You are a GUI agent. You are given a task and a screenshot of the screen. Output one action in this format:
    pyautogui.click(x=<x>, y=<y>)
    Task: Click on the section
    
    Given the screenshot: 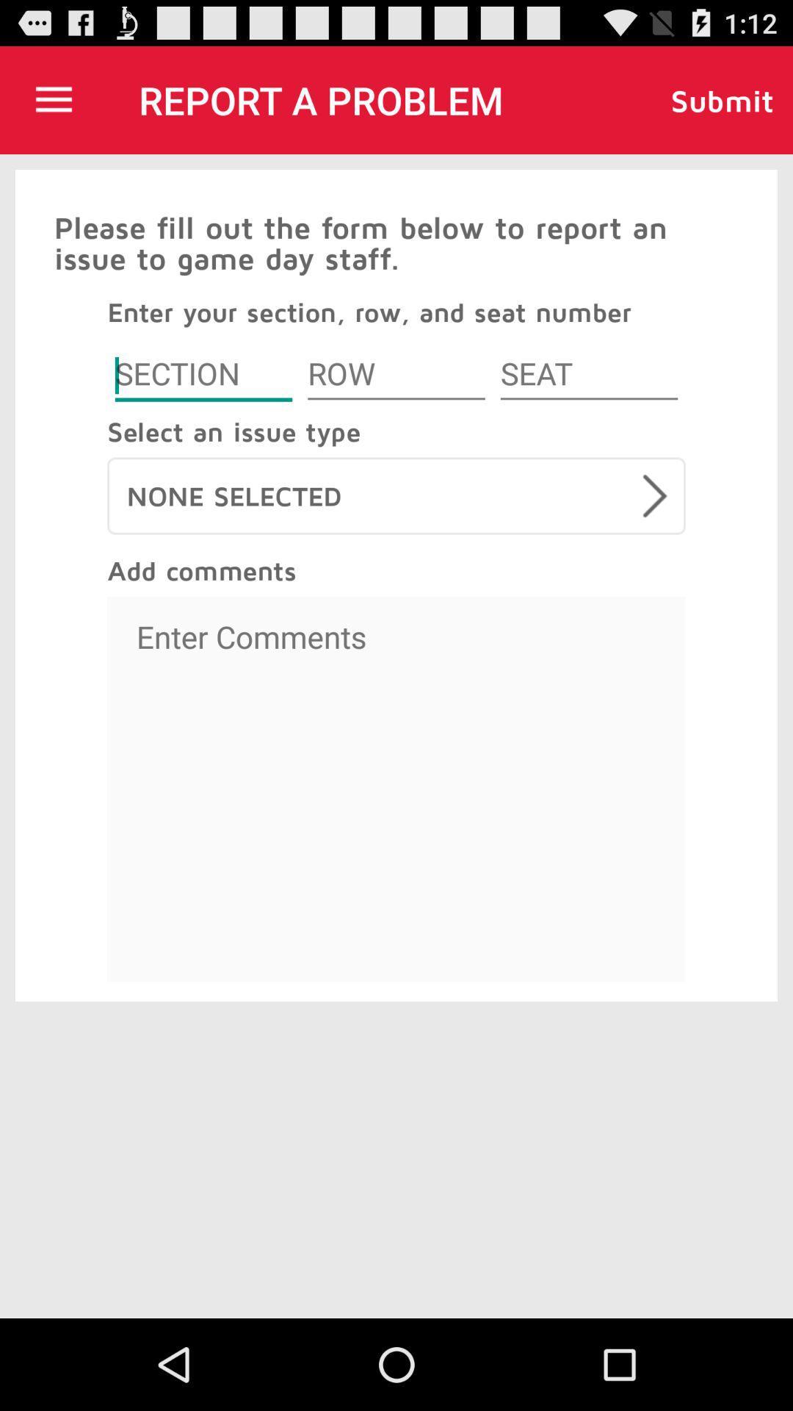 What is the action you would take?
    pyautogui.click(x=203, y=376)
    